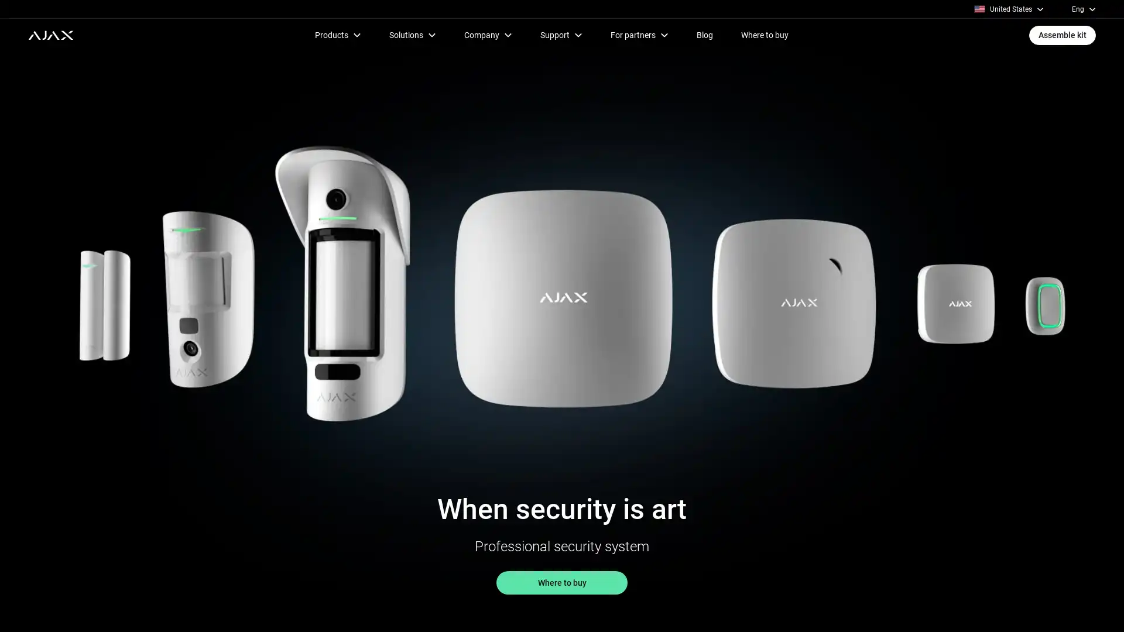 The width and height of the screenshot is (1124, 632). I want to click on Support, so click(560, 35).